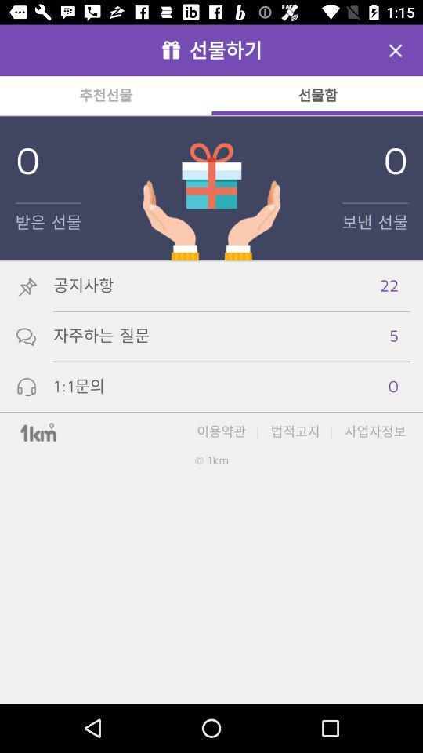 This screenshot has height=753, width=423. What do you see at coordinates (395, 50) in the screenshot?
I see `screen` at bounding box center [395, 50].